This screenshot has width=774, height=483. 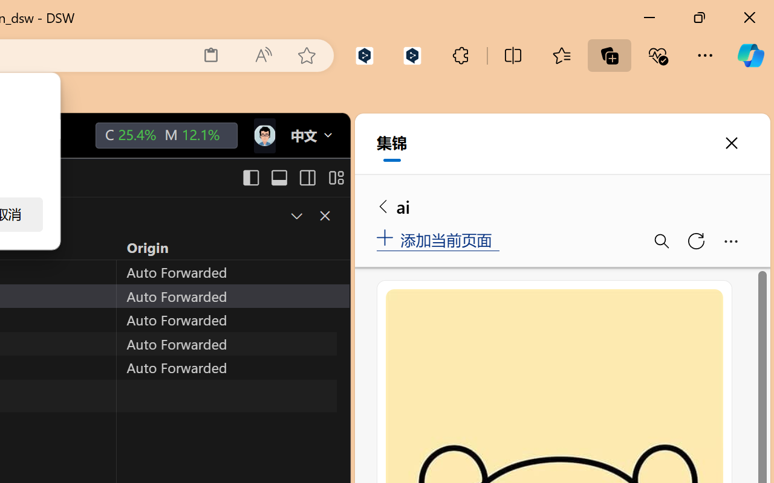 I want to click on 'Close Panel', so click(x=324, y=216).